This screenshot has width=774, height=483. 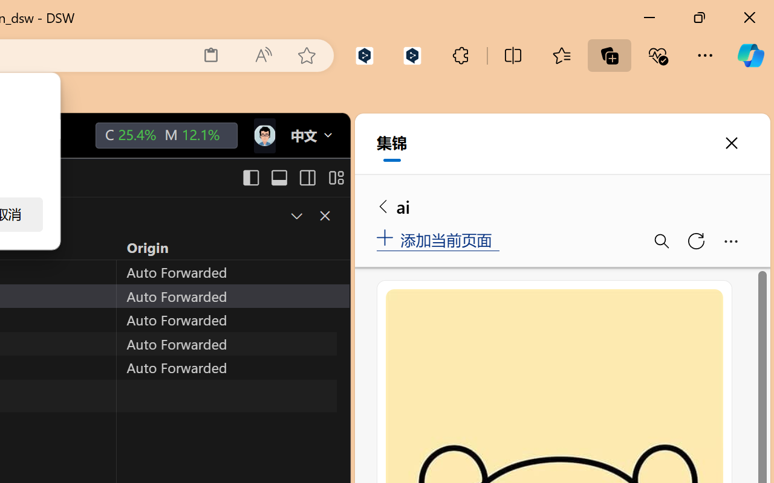 I want to click on 'Close Panel', so click(x=324, y=216).